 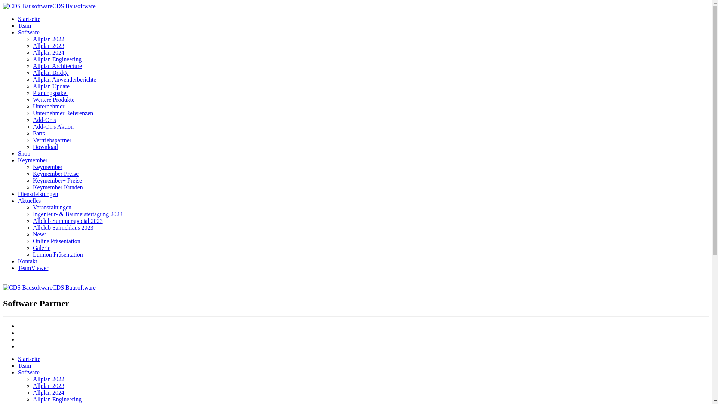 I want to click on 'Add-On's', so click(x=44, y=119).